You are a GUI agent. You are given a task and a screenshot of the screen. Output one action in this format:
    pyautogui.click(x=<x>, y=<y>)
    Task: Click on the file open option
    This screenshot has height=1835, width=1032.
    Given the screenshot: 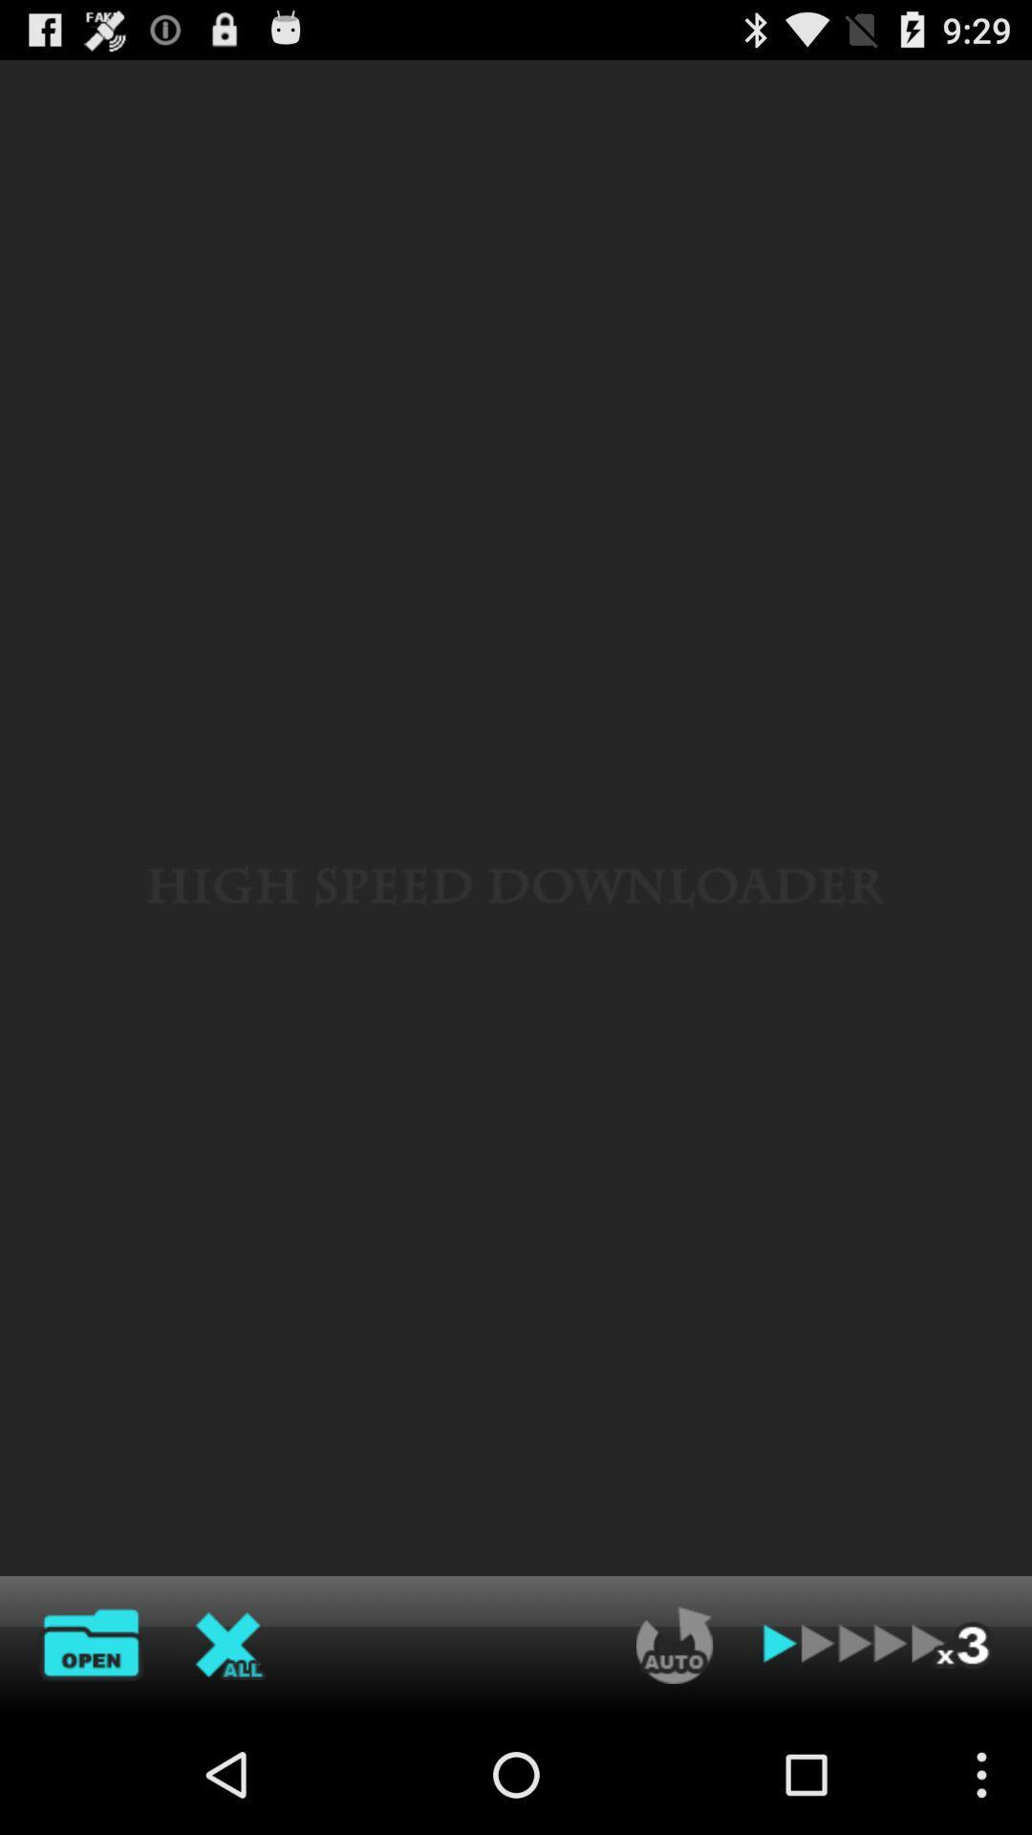 What is the action you would take?
    pyautogui.click(x=91, y=1644)
    